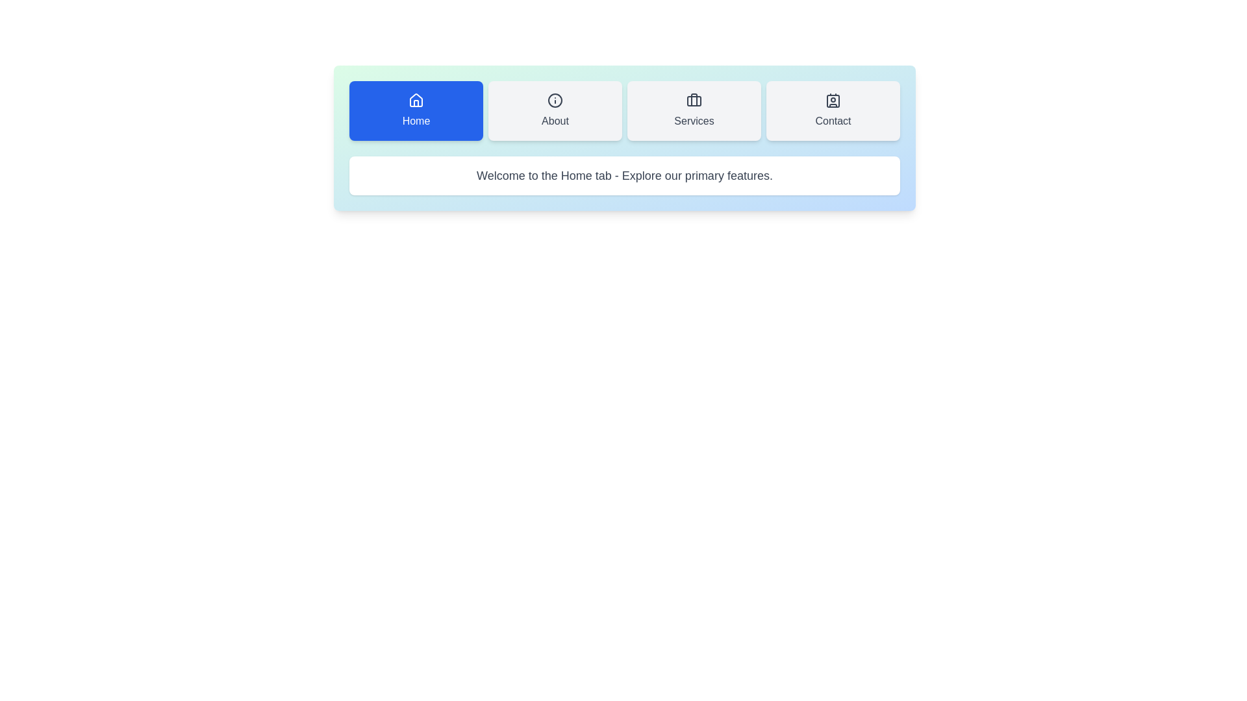 The image size is (1247, 701). Describe the element at coordinates (624, 175) in the screenshot. I see `the static text label that says 'Welcome to the Home tab - Explore our primary features.', which is a white rectangular box with rounded corners, positioned prominently below the main navigation options` at that location.